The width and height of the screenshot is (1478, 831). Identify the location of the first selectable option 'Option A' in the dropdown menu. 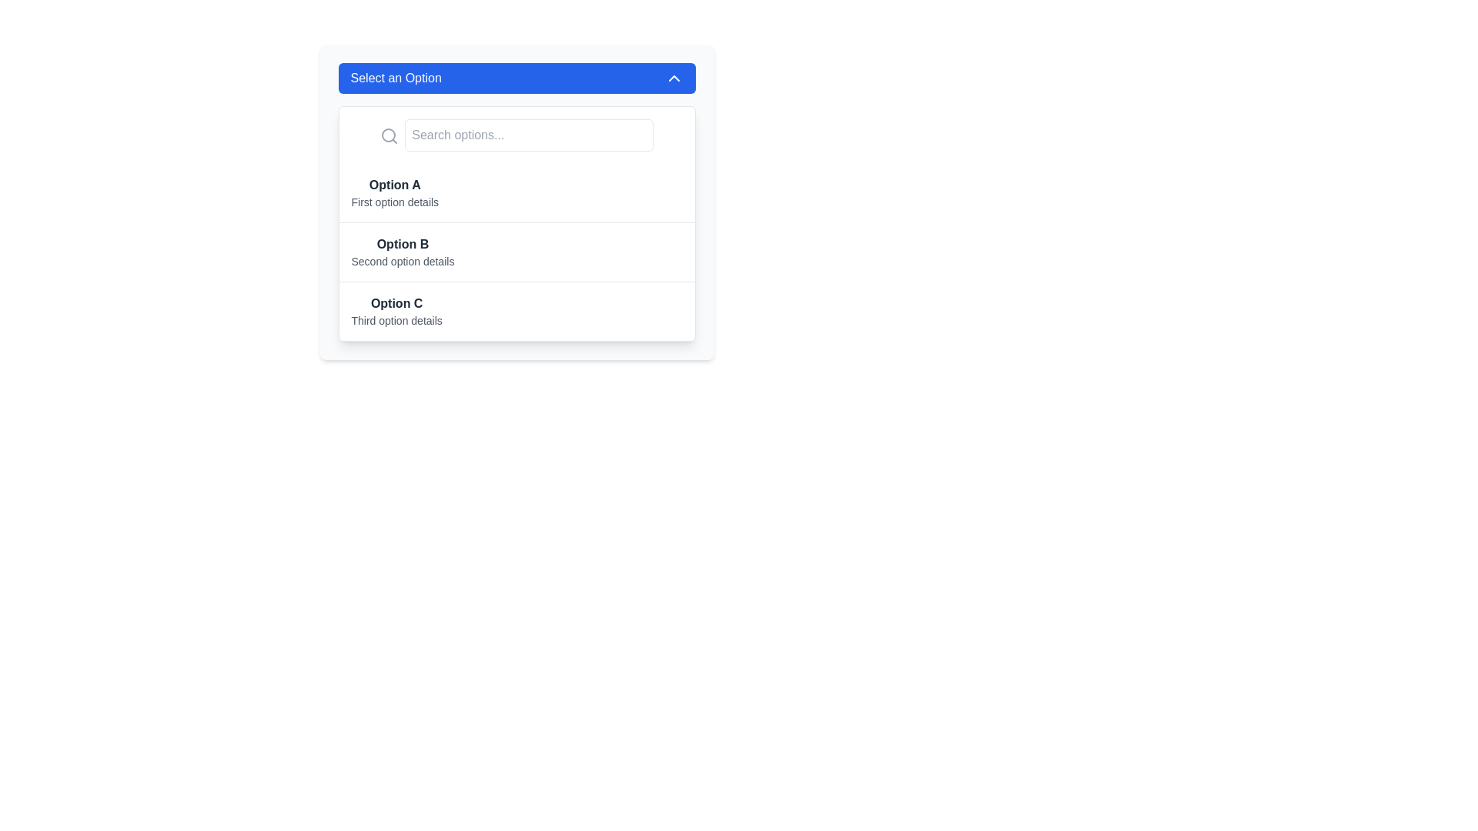
(517, 192).